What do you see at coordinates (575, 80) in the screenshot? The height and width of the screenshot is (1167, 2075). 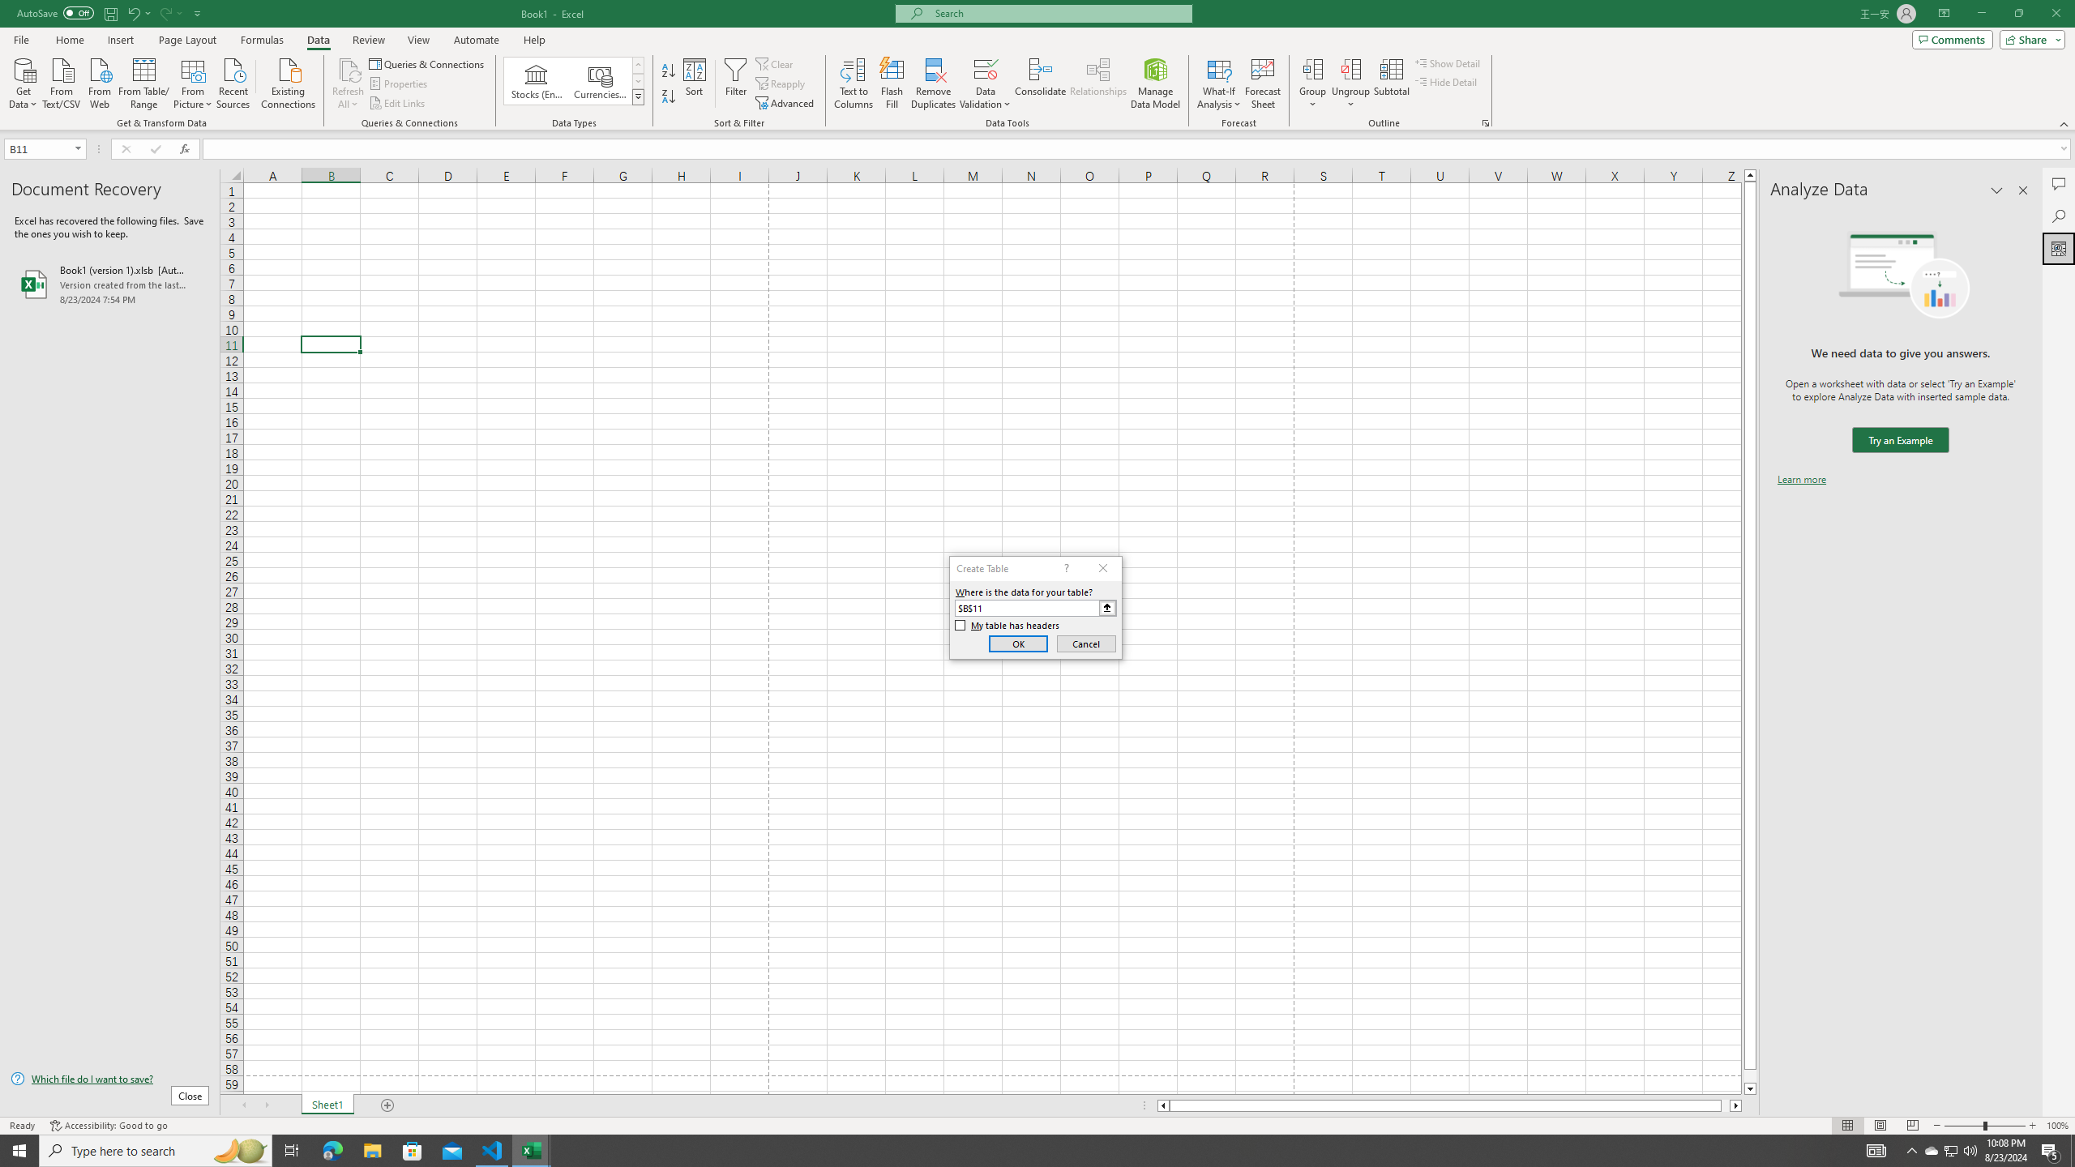 I see `'AutomationID: ConvertToLinkedEntity'` at bounding box center [575, 80].